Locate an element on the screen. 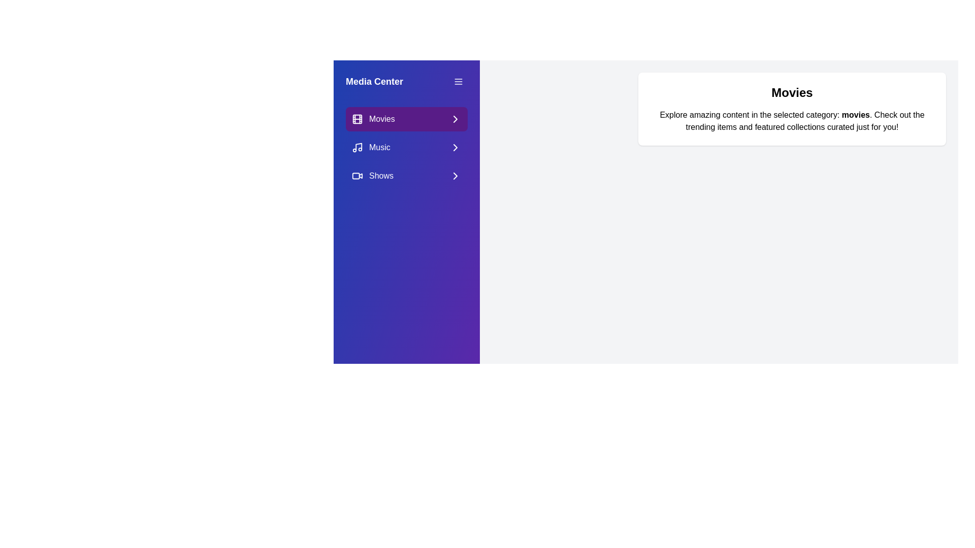 This screenshot has width=975, height=548. the menu icon located in the upper-right corner of the purple navigation bar labeled 'Media Center' is located at coordinates (458, 81).